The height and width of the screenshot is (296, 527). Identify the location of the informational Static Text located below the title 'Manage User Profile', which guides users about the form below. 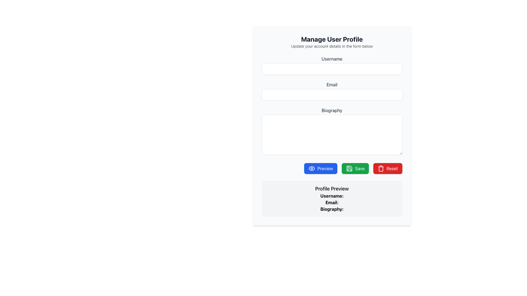
(332, 46).